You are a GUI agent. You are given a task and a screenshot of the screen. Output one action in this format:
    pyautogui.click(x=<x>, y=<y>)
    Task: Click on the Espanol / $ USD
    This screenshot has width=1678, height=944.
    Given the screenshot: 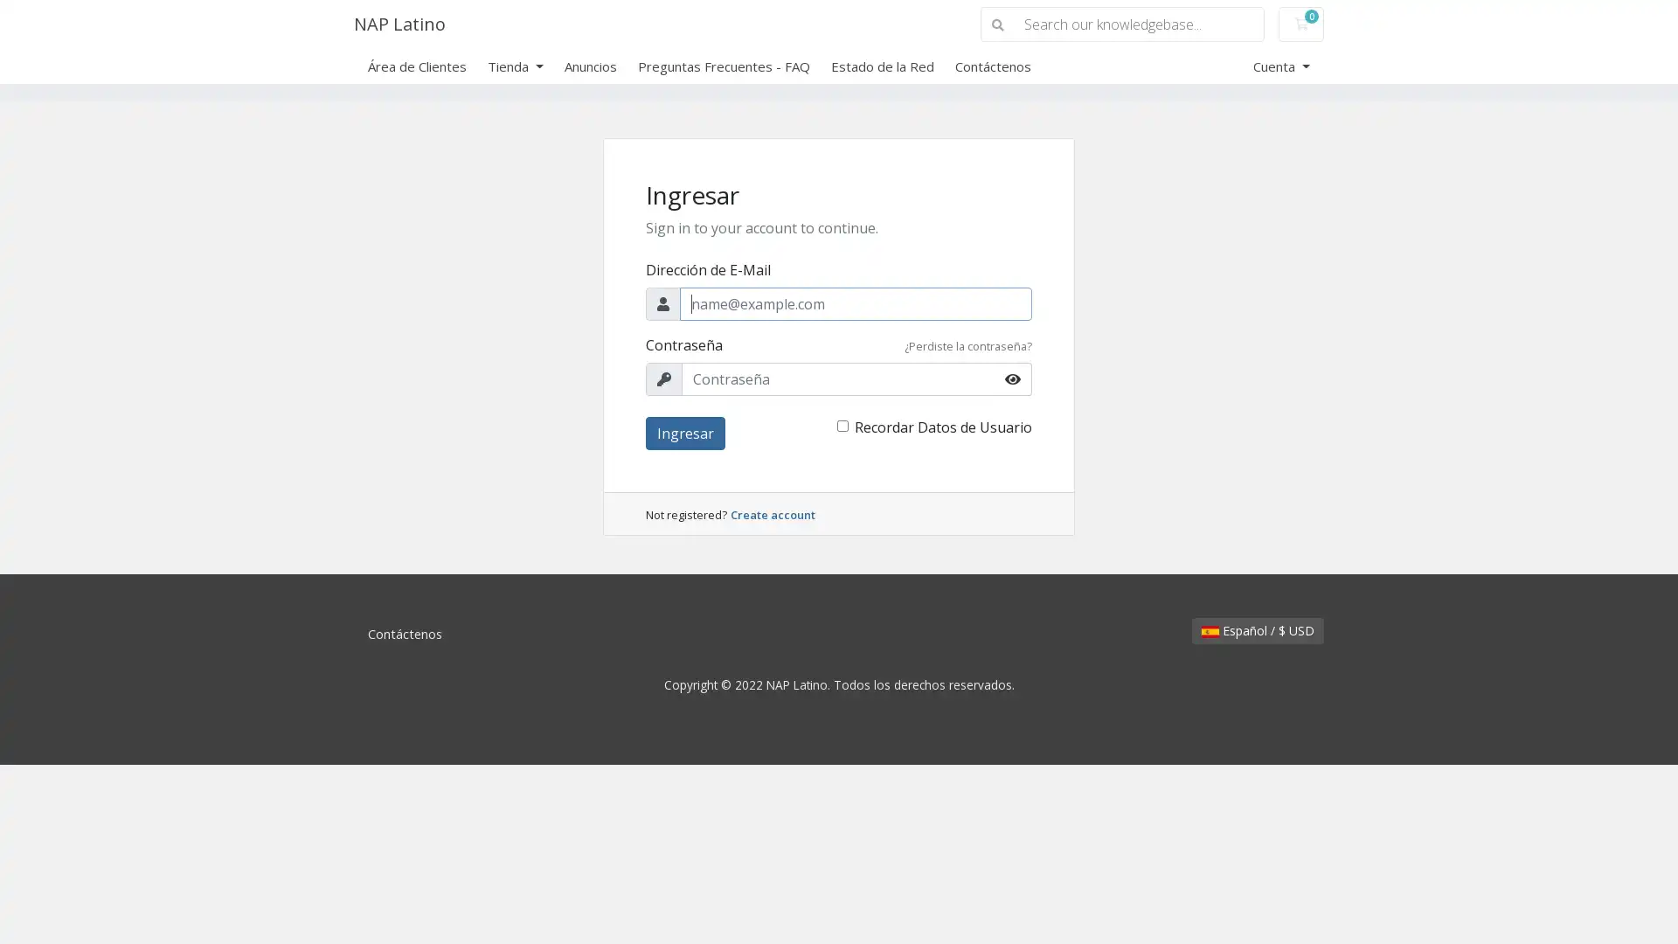 What is the action you would take?
    pyautogui.click(x=1257, y=630)
    